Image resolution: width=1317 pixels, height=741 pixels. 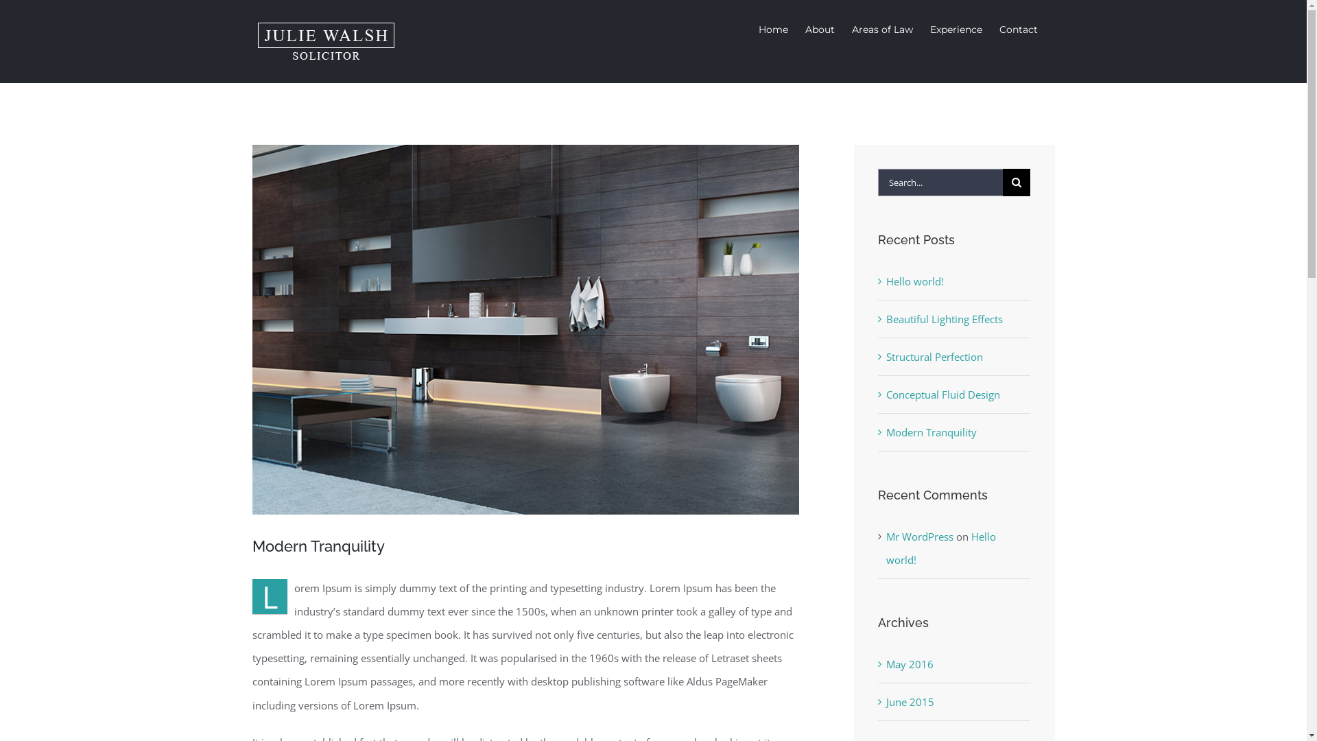 What do you see at coordinates (820, 29) in the screenshot?
I see `'About'` at bounding box center [820, 29].